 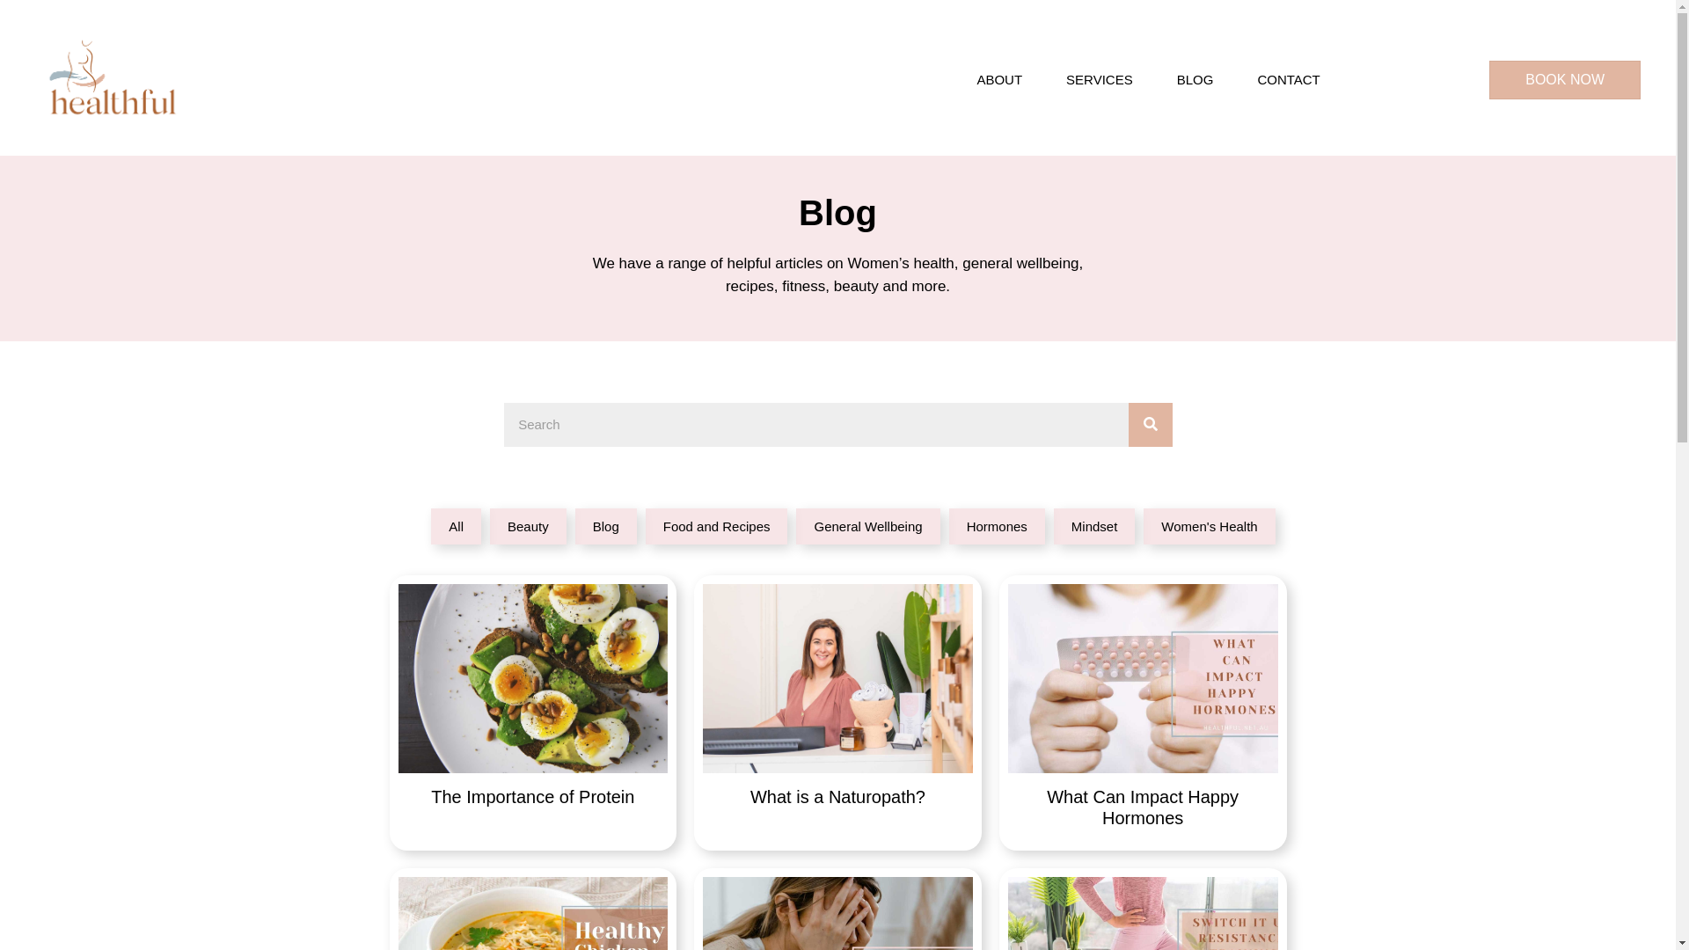 What do you see at coordinates (531, 677) in the screenshot?
I see `'the-importance-of-protein-healthful-wellness'` at bounding box center [531, 677].